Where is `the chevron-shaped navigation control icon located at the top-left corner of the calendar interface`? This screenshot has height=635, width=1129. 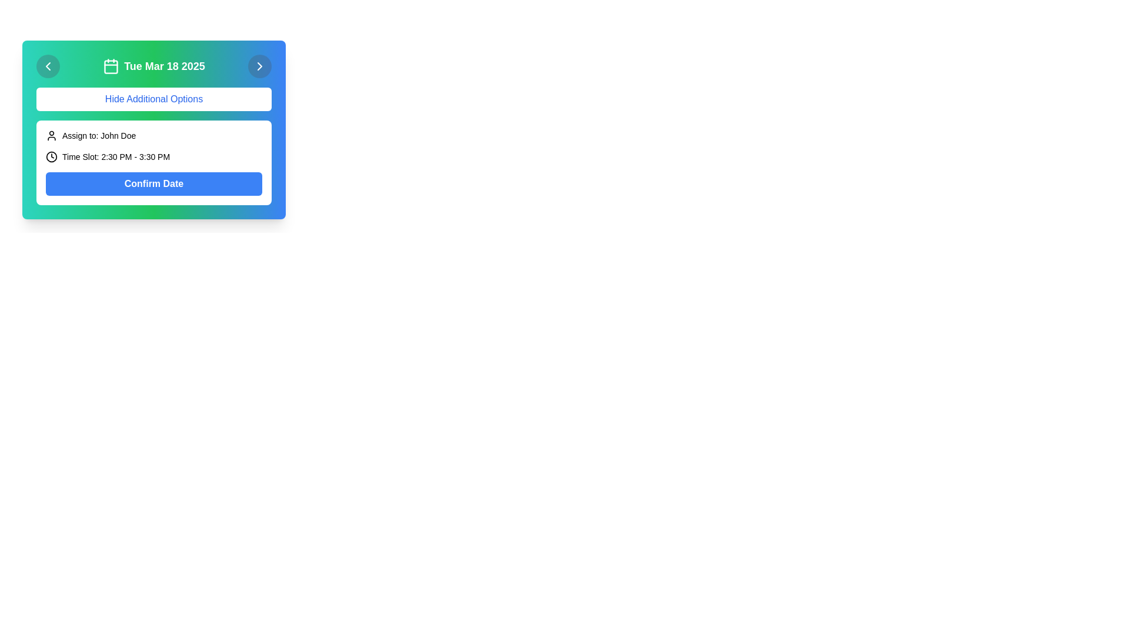 the chevron-shaped navigation control icon located at the top-left corner of the calendar interface is located at coordinates (47, 66).